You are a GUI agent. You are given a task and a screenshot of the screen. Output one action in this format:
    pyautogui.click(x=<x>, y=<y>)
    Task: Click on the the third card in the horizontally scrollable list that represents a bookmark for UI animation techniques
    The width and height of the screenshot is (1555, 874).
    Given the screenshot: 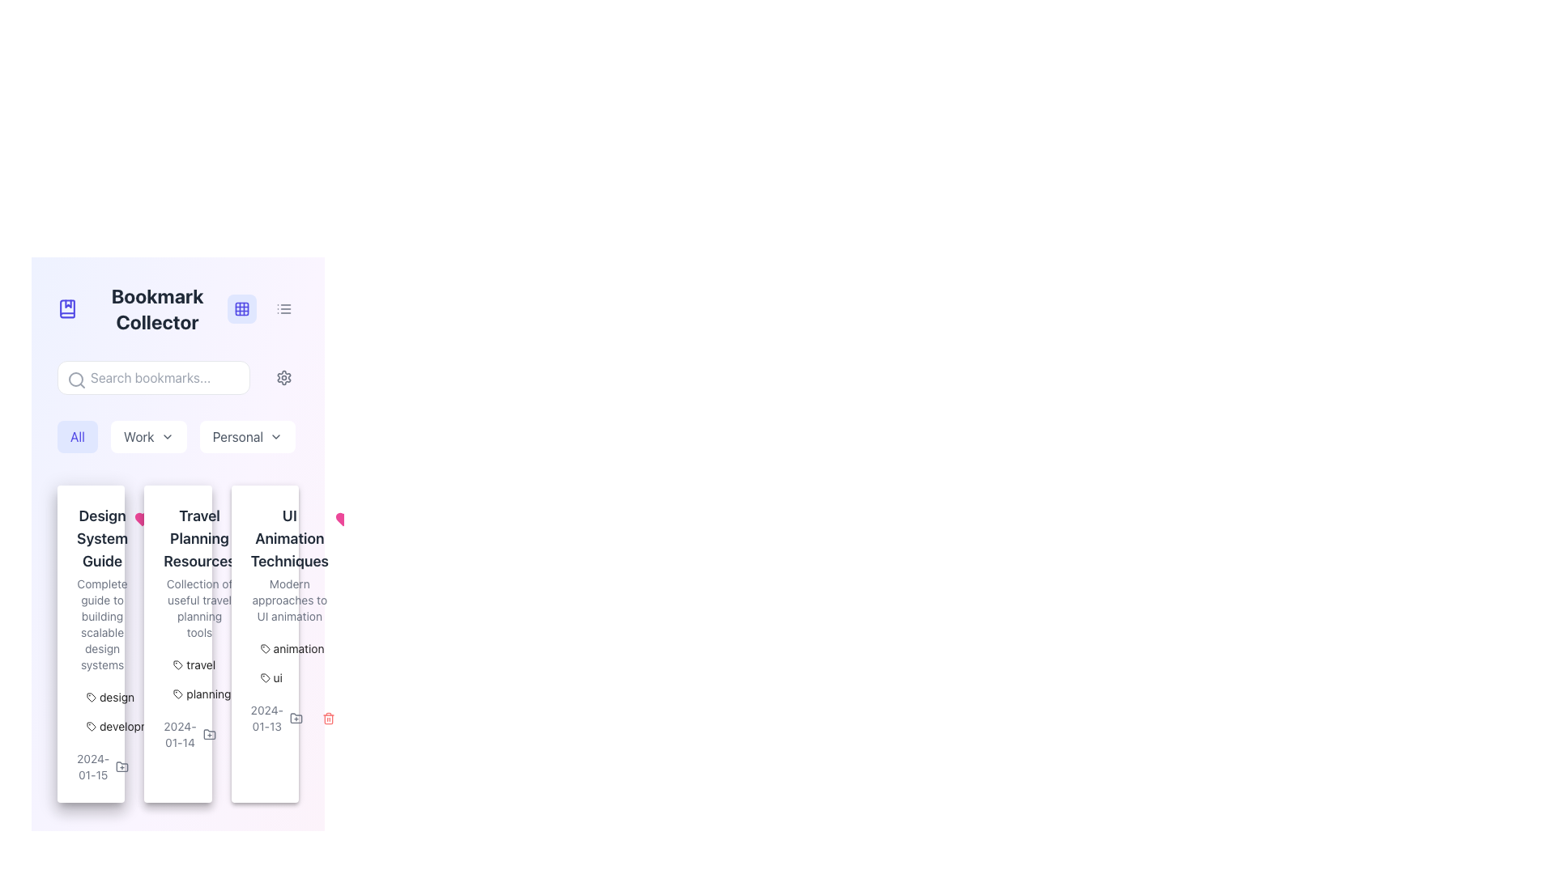 What is the action you would take?
    pyautogui.click(x=289, y=564)
    